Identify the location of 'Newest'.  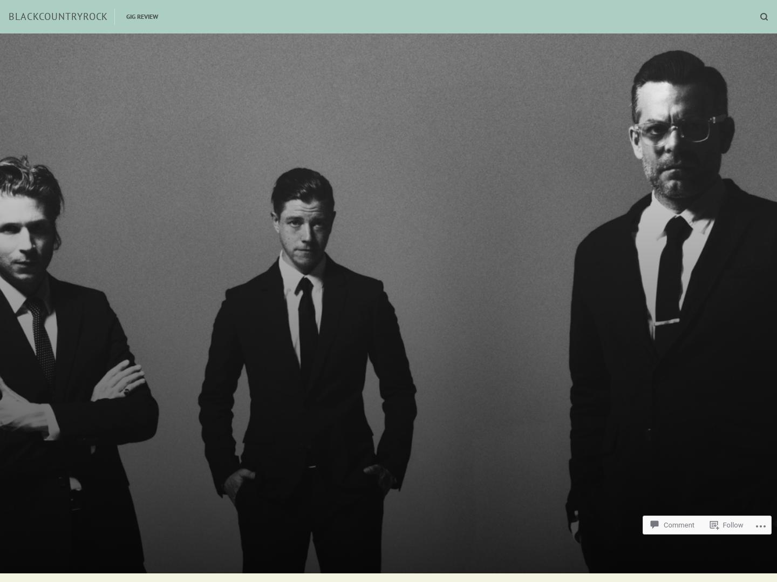
(486, 72).